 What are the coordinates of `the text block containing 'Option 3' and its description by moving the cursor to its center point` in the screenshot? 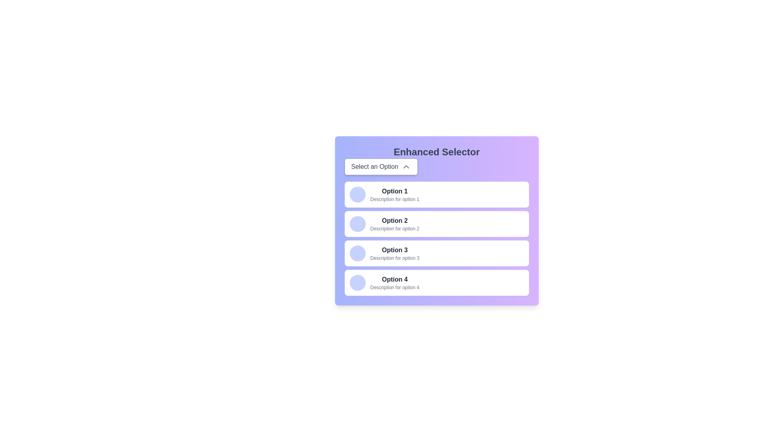 It's located at (395, 253).